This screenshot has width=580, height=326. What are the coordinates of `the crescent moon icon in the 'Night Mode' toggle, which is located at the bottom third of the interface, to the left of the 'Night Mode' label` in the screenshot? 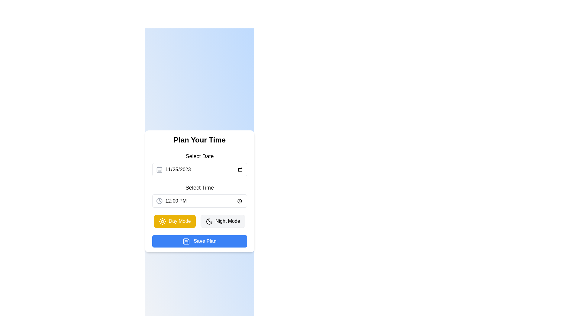 It's located at (209, 221).